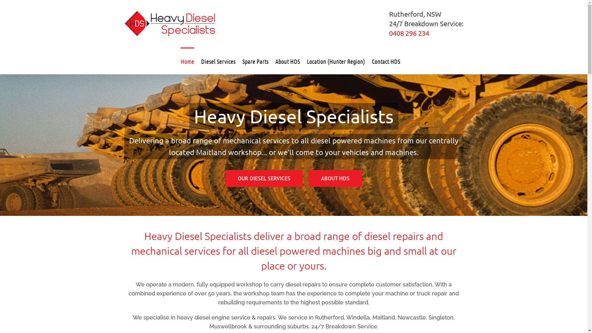 This screenshot has height=333, width=592. I want to click on 'Contact HDS', so click(386, 60).